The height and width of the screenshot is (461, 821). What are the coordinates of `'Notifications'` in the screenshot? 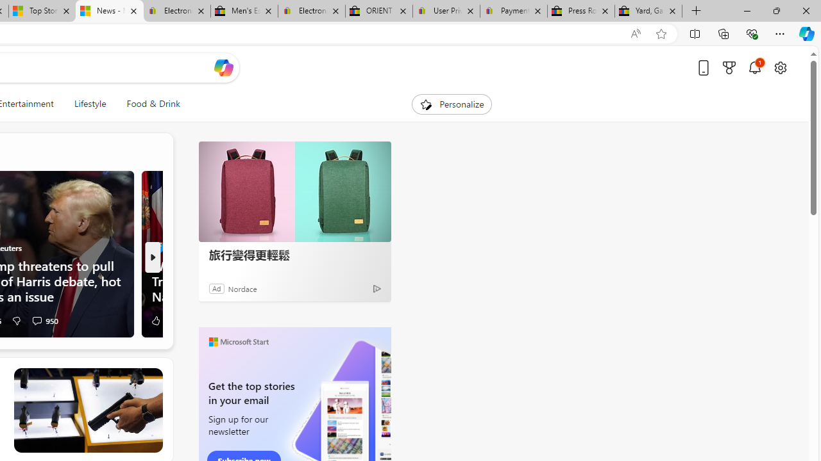 It's located at (754, 67).